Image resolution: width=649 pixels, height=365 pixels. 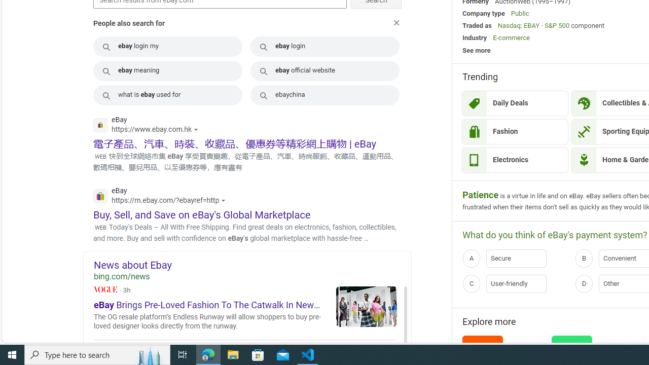 I want to click on 'Daily Deals', so click(x=515, y=103).